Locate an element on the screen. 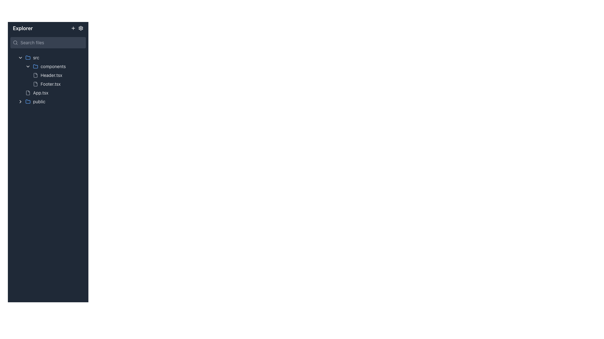 The height and width of the screenshot is (339, 604). the search icon located to the left of the text input field in the search section at the top of the sidebar is located at coordinates (15, 42).